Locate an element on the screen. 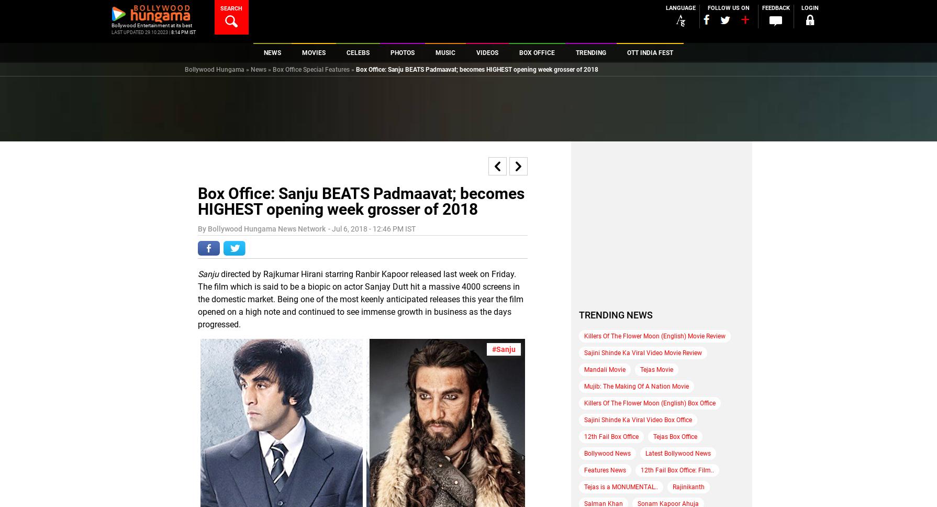  'Sanju' is located at coordinates (208, 274).